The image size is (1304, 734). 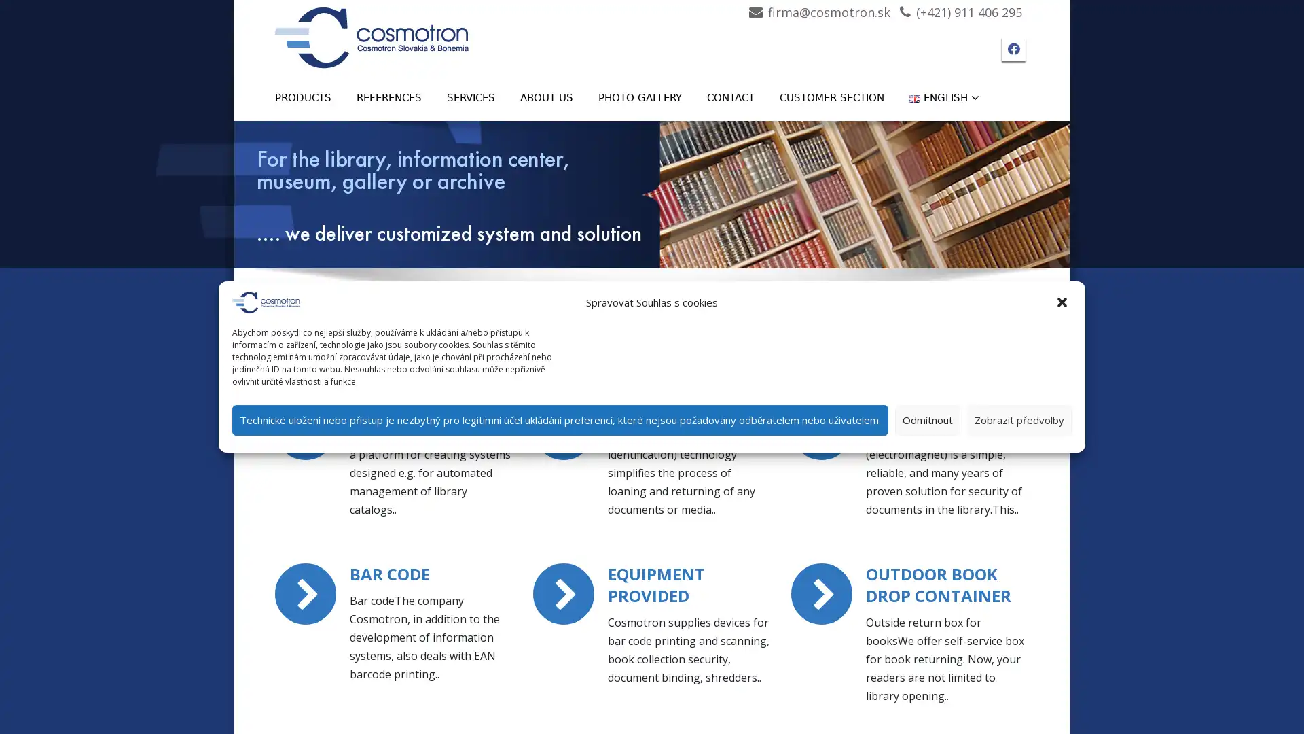 I want to click on Odmitnout, so click(x=927, y=419).